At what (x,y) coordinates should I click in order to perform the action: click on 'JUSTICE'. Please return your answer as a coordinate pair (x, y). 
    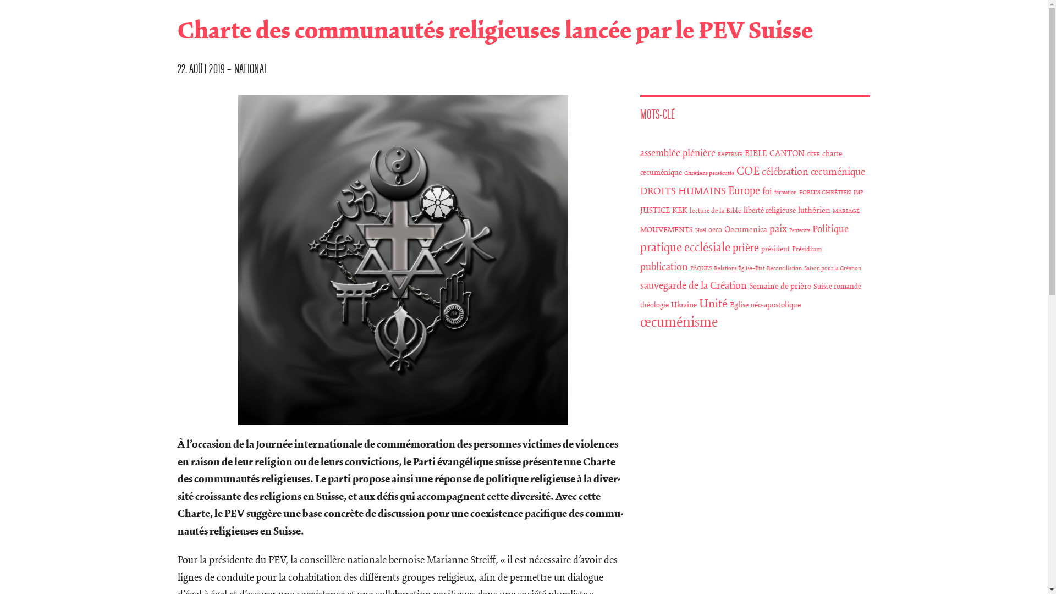
    Looking at the image, I should click on (654, 210).